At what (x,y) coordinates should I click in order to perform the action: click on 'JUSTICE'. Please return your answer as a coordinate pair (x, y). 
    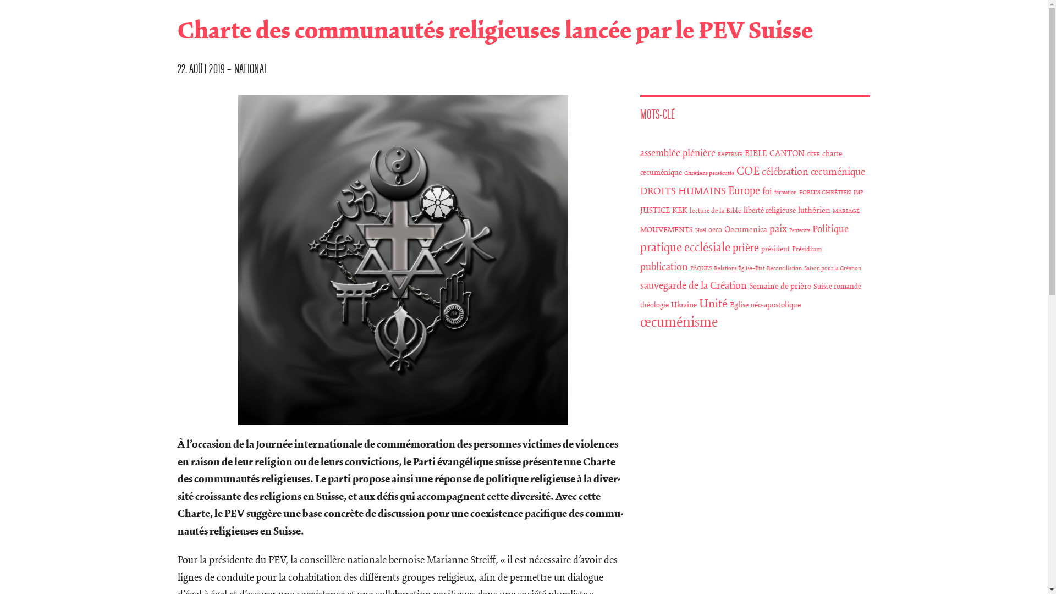
    Looking at the image, I should click on (654, 210).